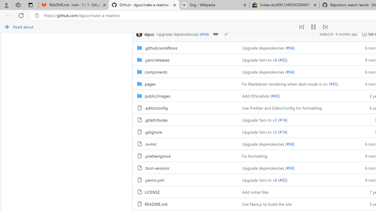 Image resolution: width=376 pixels, height=211 pixels. I want to click on 'Commit 6d9e229', so click(326, 34).